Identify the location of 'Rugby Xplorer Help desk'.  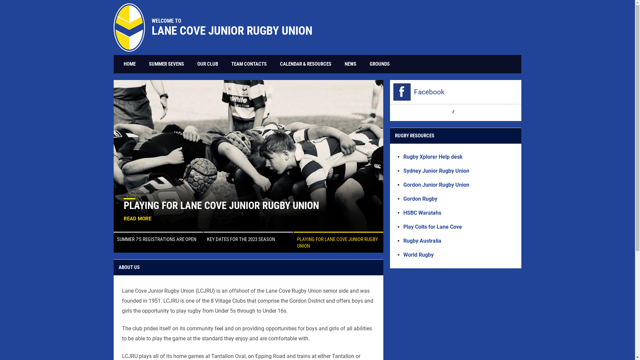
(433, 157).